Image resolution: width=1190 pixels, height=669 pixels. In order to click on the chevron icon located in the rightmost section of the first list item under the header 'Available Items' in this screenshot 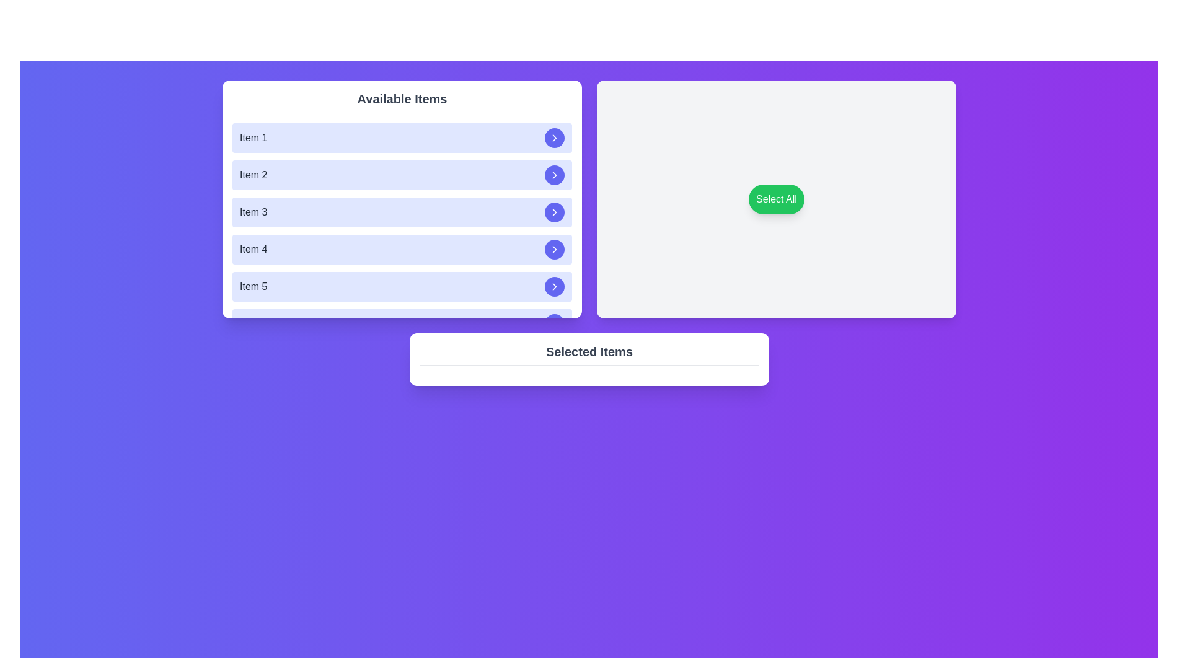, I will do `click(553, 138)`.